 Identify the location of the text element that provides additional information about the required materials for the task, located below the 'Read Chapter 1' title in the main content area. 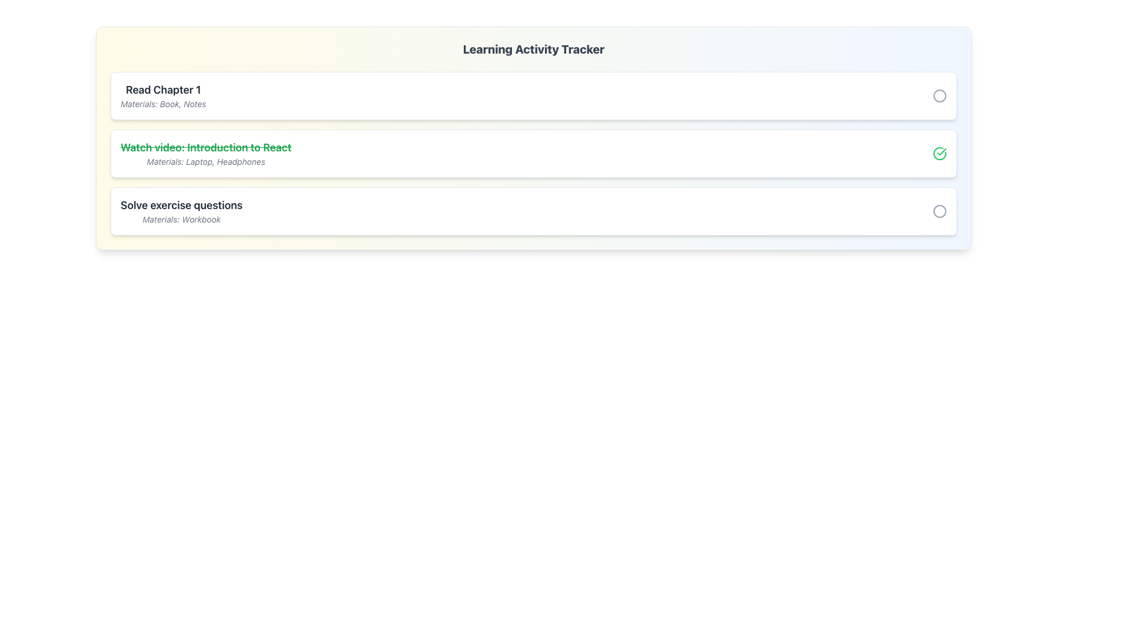
(162, 104).